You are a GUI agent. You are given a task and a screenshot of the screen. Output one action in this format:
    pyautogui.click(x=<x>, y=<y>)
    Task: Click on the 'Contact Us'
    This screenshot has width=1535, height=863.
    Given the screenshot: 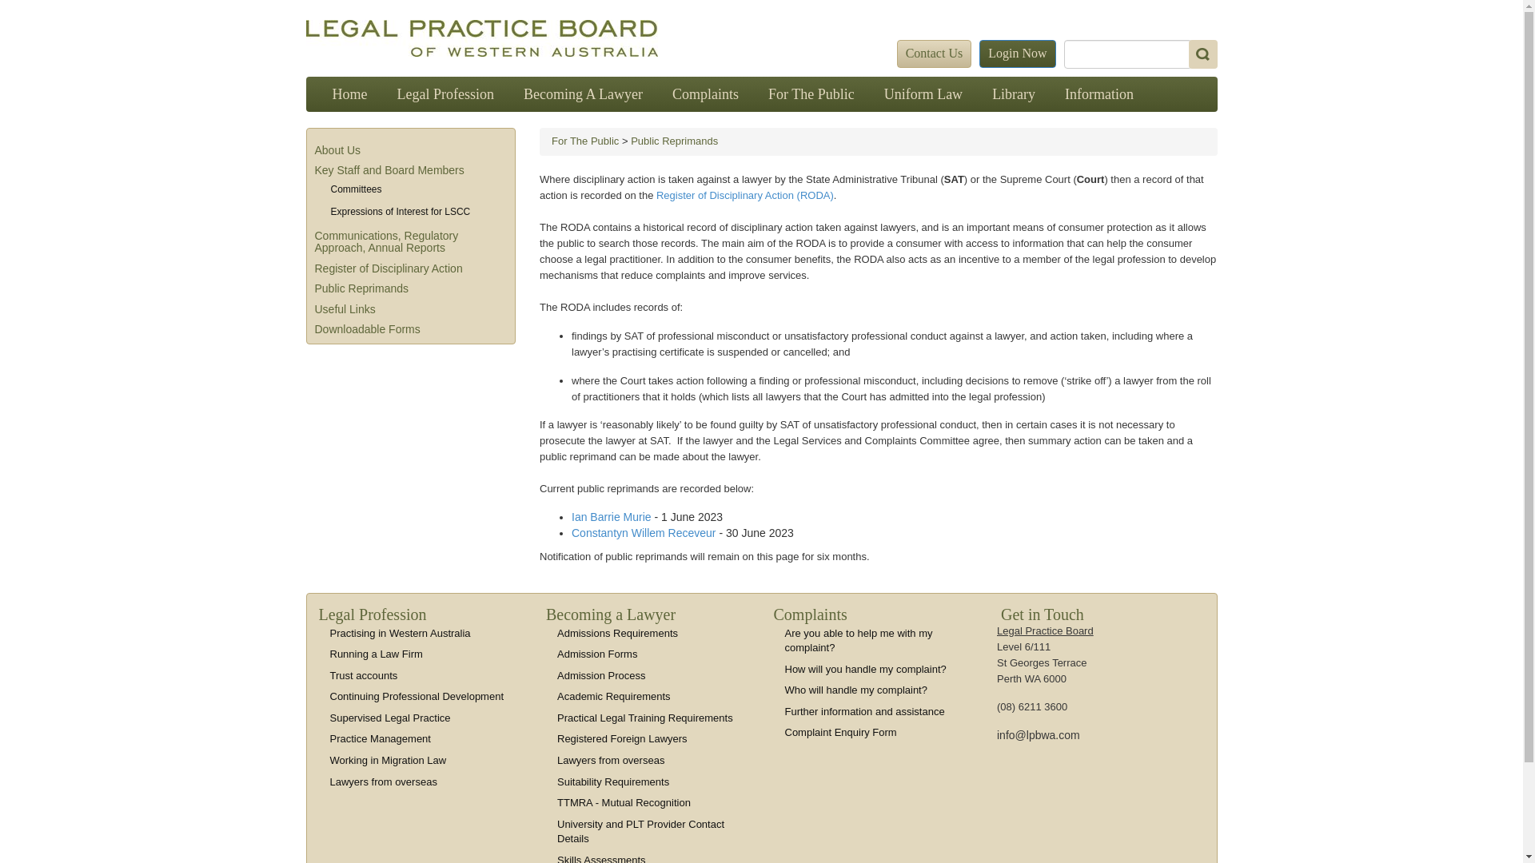 What is the action you would take?
    pyautogui.click(x=935, y=53)
    